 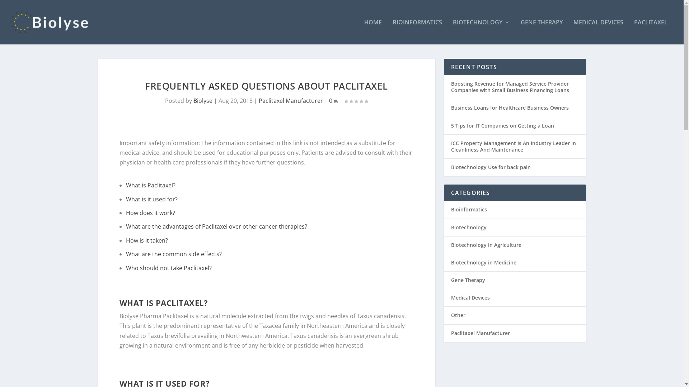 I want to click on 'Biolyse', so click(x=193, y=101).